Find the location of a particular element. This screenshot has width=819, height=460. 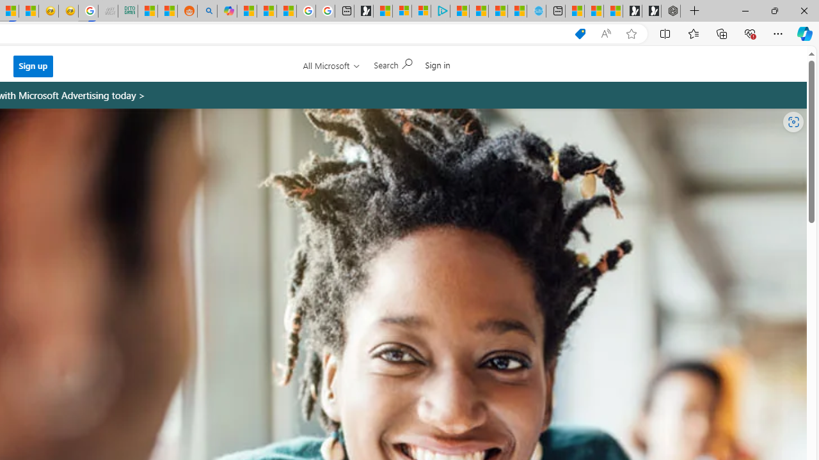

'DITOGAMES AG Imprint' is located at coordinates (128, 11).